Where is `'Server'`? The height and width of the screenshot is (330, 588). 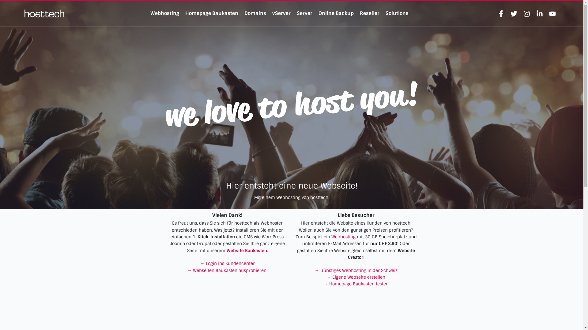
'Server' is located at coordinates (304, 13).